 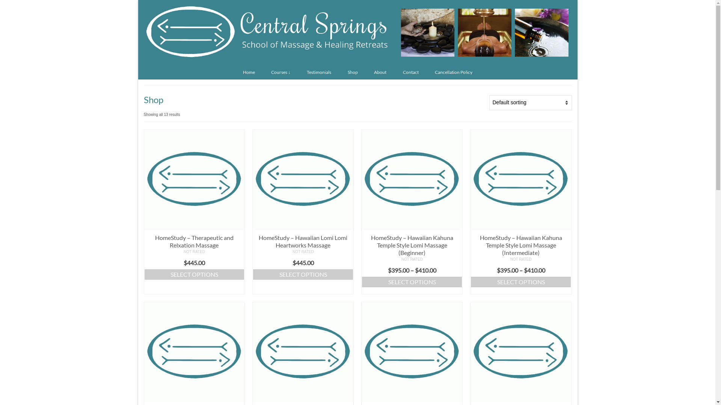 What do you see at coordinates (453, 72) in the screenshot?
I see `'Cancellation Policy'` at bounding box center [453, 72].